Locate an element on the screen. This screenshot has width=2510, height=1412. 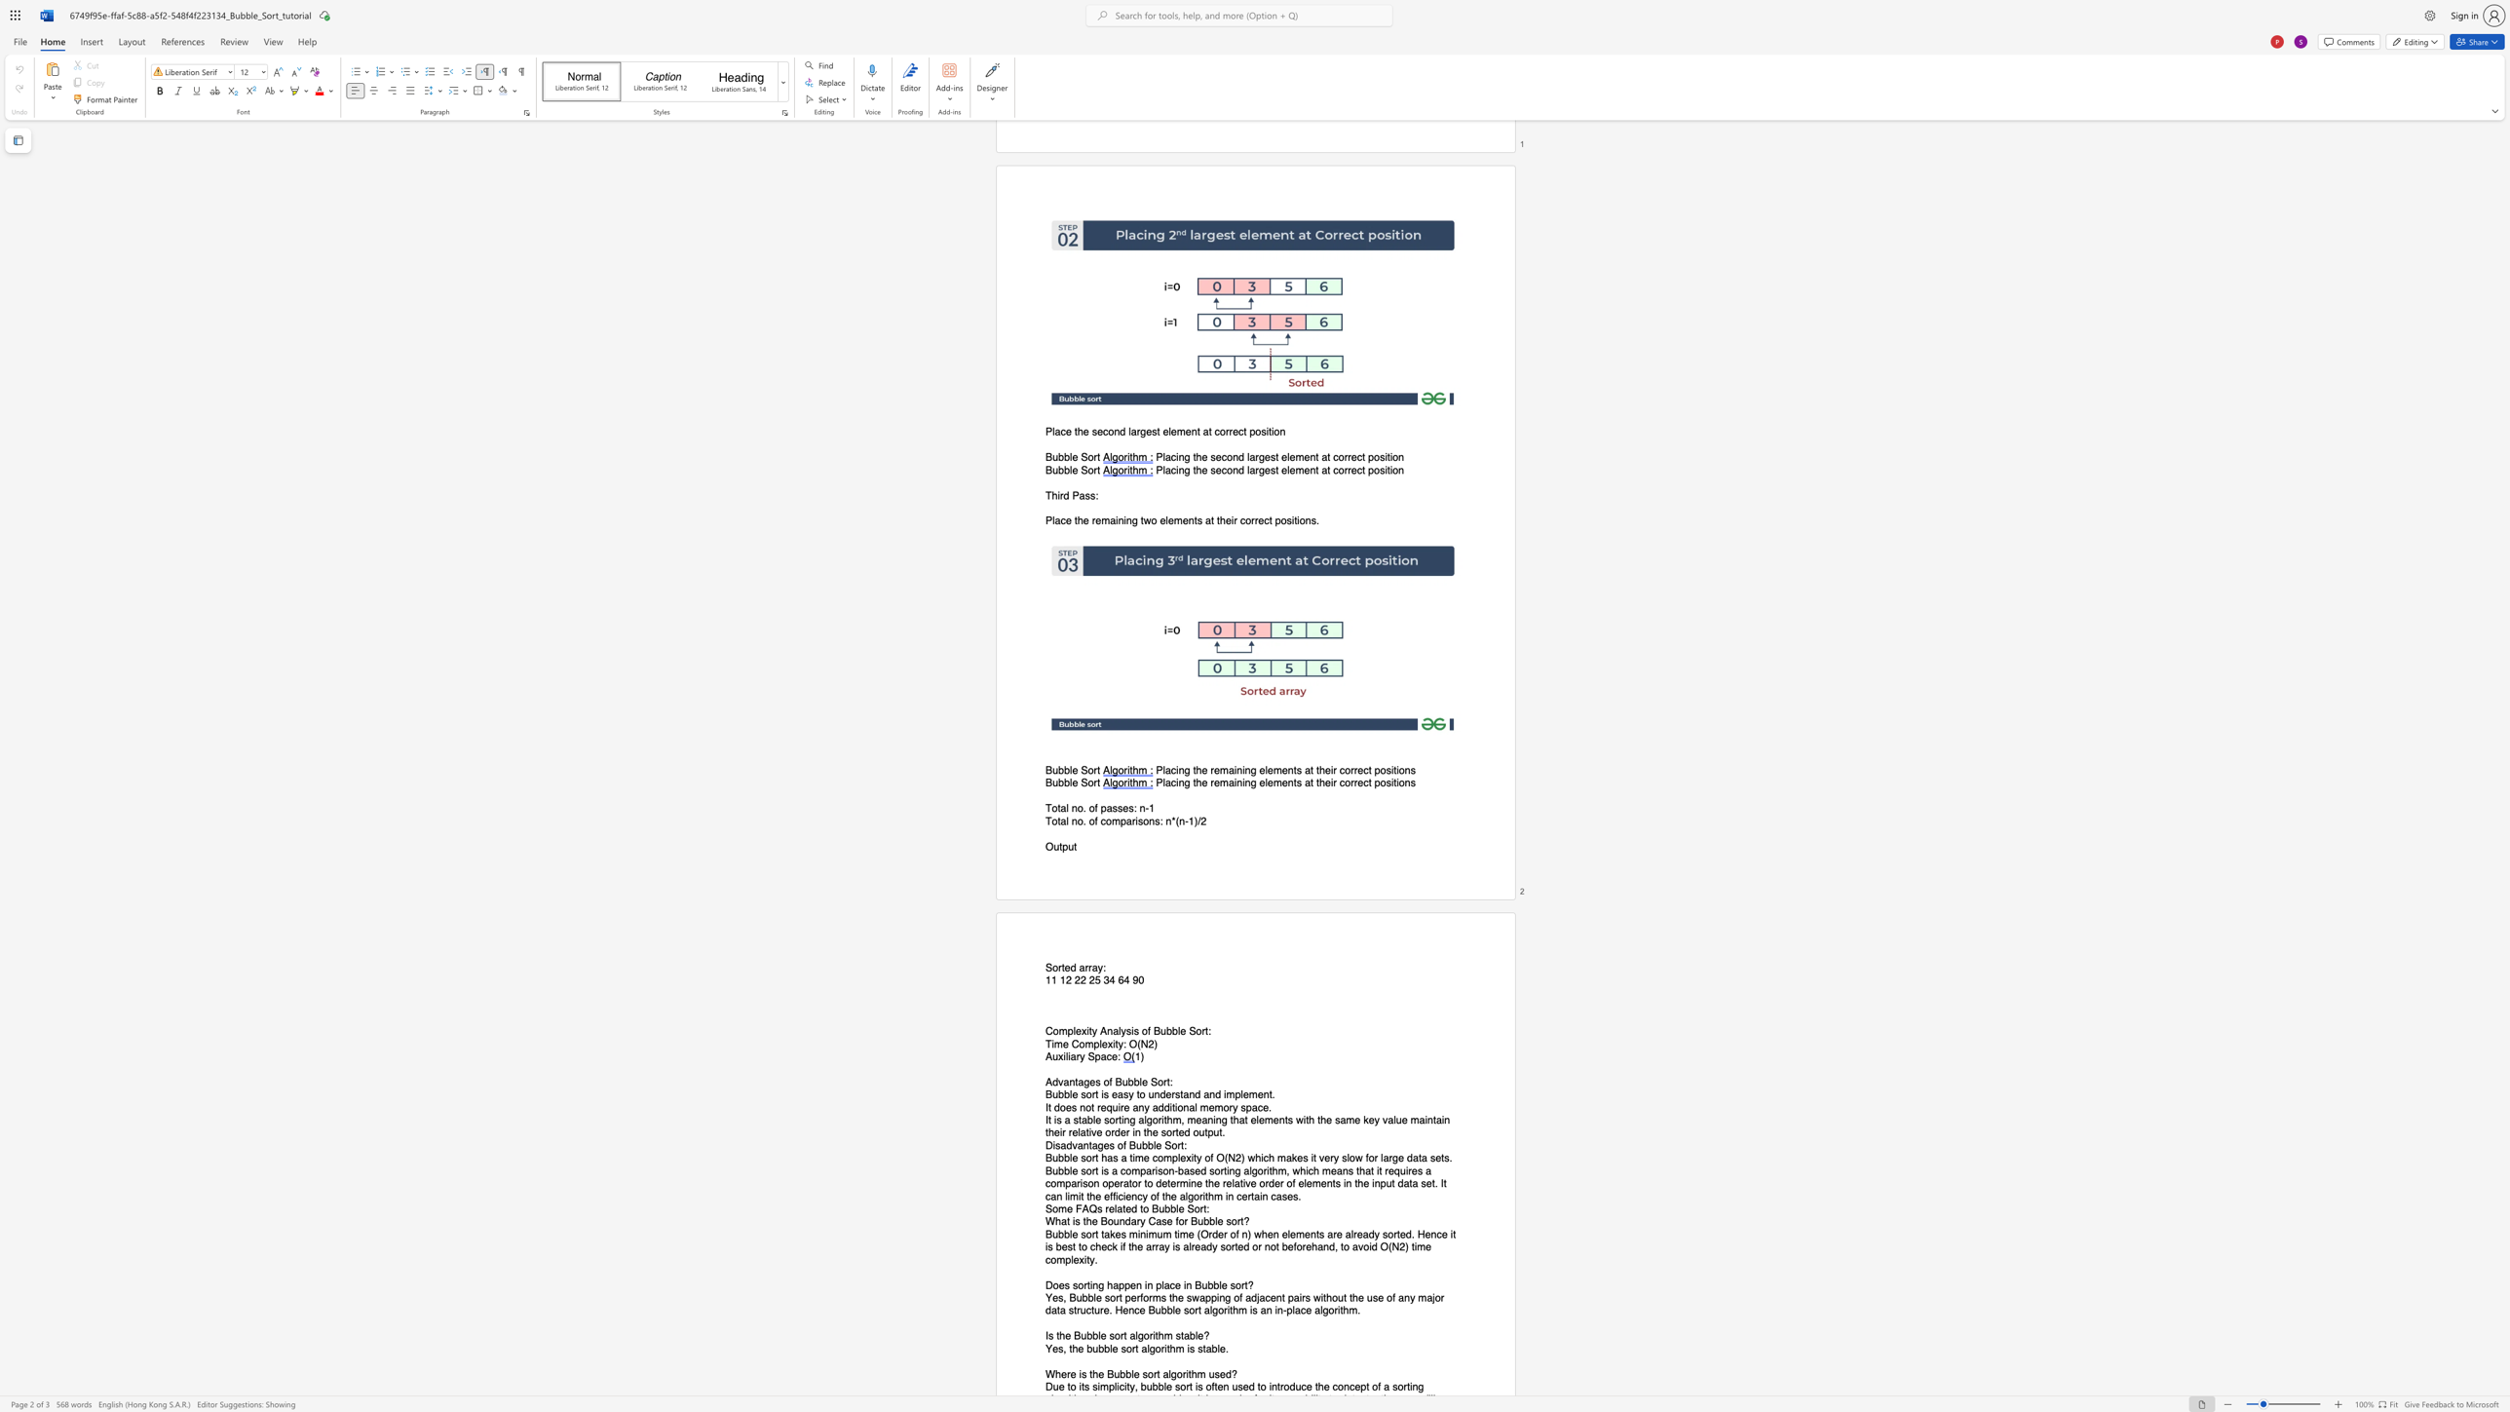
the 1th character "o" in the text is located at coordinates (1090, 770).